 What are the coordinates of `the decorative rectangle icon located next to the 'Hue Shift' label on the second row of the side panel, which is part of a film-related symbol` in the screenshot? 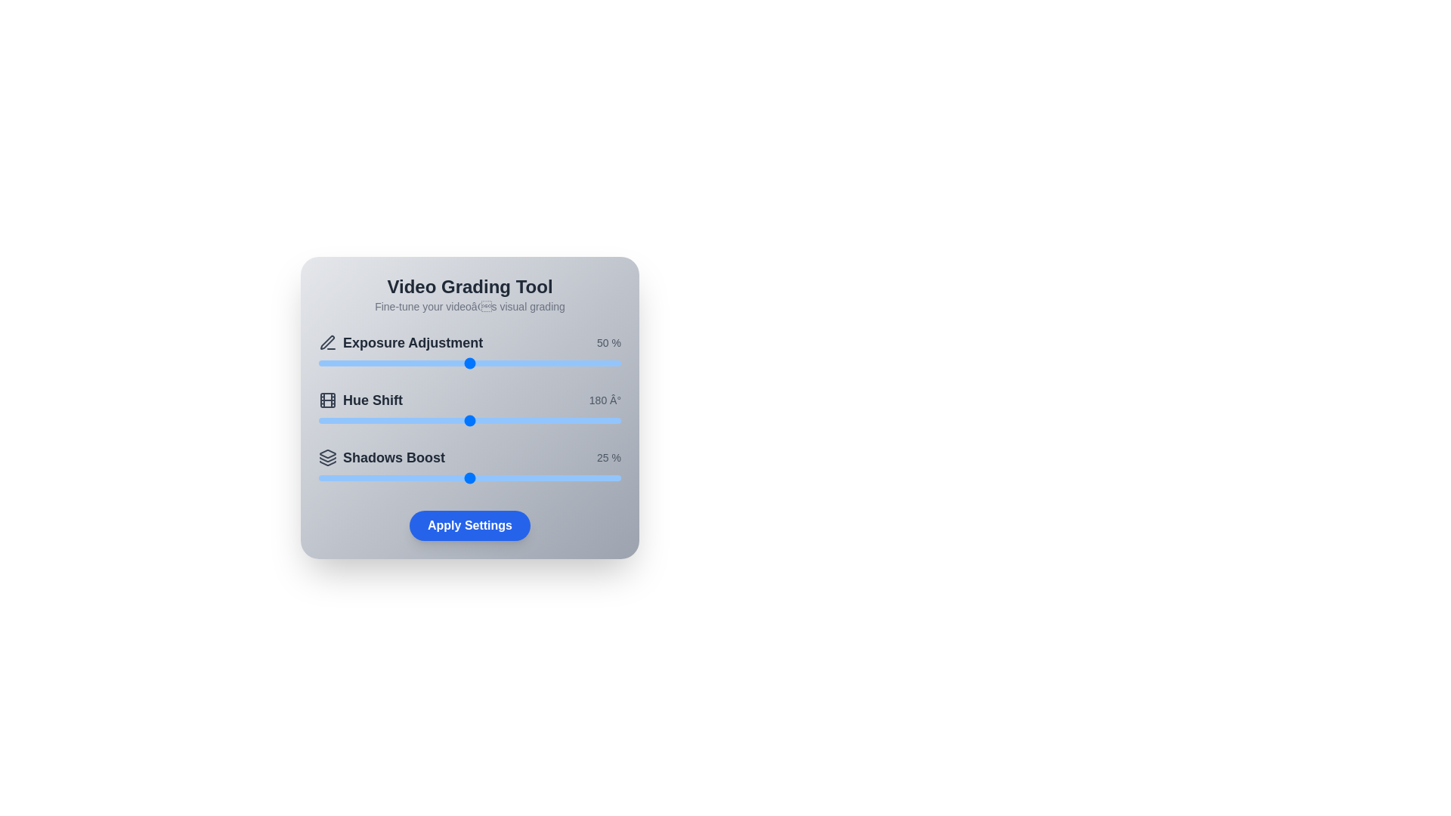 It's located at (326, 399).